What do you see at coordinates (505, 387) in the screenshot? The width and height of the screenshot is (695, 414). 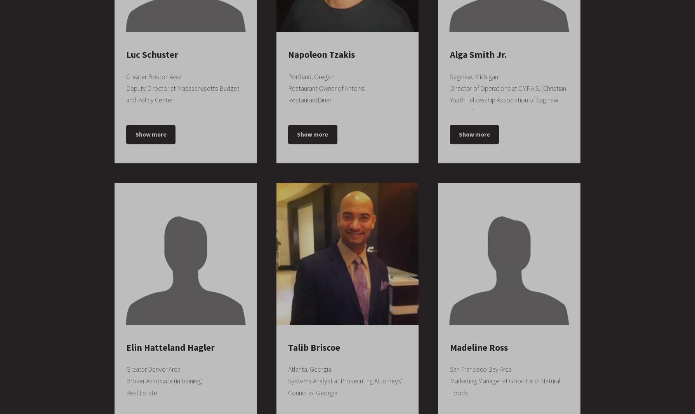 I see `'Marketing Manager at Good Earth Natural Foods'` at bounding box center [505, 387].